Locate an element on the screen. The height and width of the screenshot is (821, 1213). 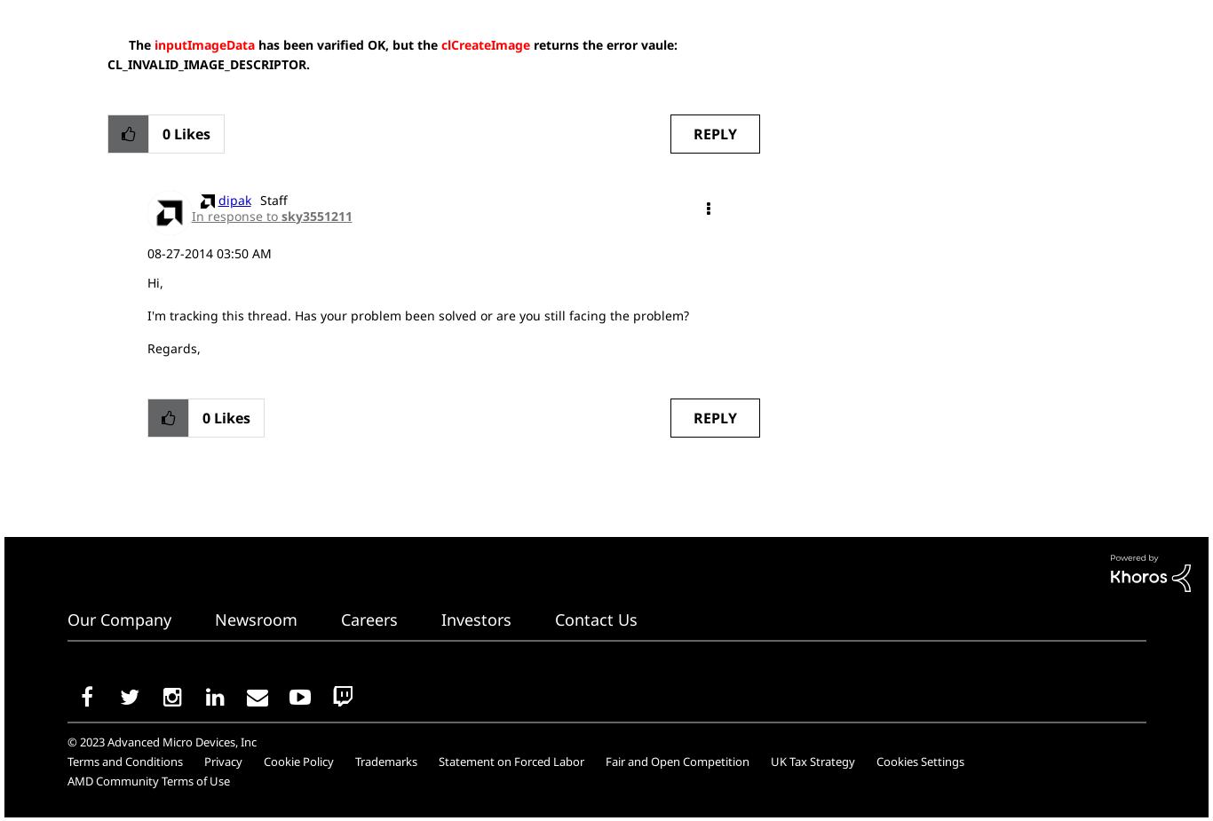
'Investors' is located at coordinates (475, 620).